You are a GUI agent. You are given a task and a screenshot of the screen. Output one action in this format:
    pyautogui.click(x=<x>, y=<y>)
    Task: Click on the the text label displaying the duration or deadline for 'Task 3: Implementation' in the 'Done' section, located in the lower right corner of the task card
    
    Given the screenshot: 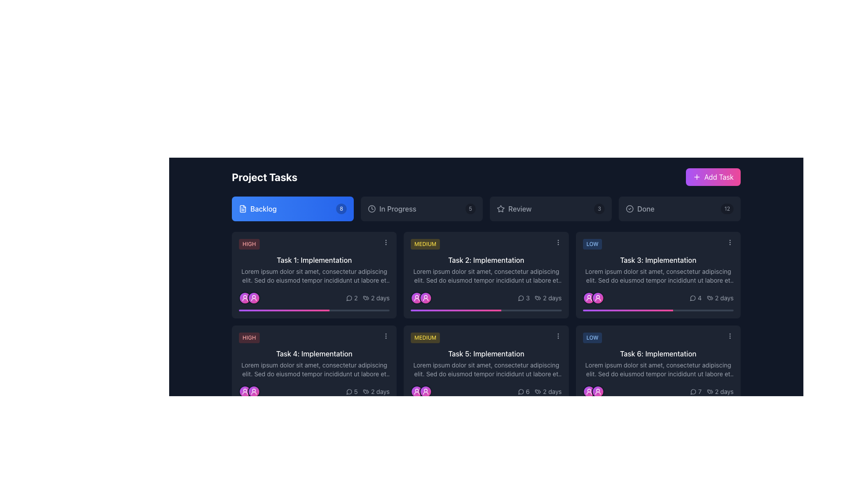 What is the action you would take?
    pyautogui.click(x=724, y=298)
    